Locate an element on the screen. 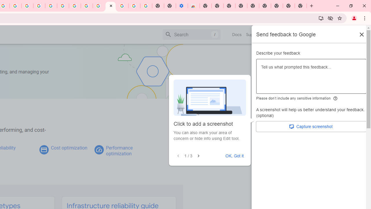  'Google Account Help' is located at coordinates (63, 6).